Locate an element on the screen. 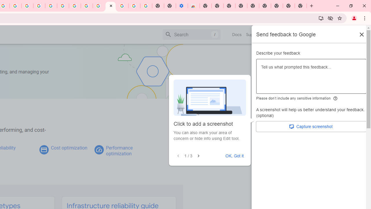  'Google Account Help' is located at coordinates (63, 6).